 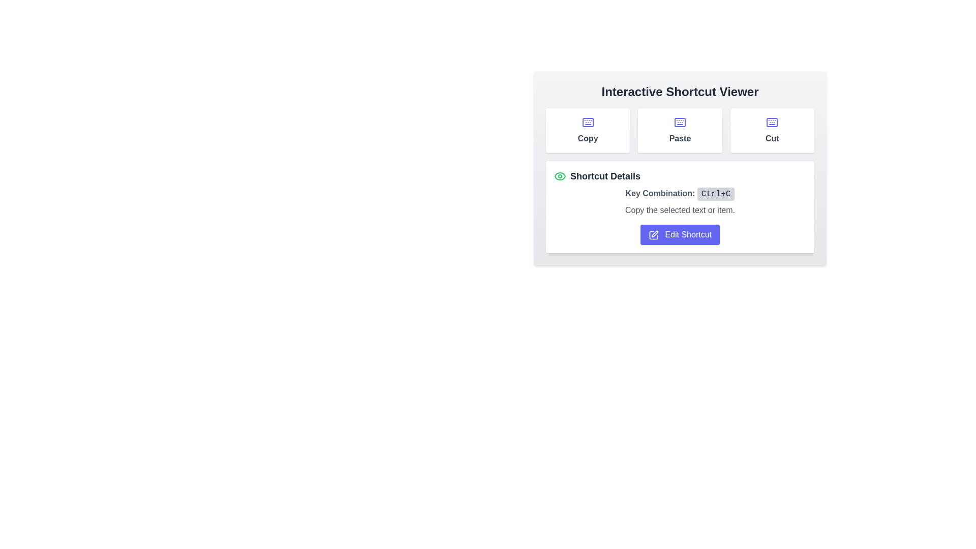 I want to click on the 'Edit Shortcut' button, which is a rectangular button with a blue background and white text, located in the bottom section of a panel, so click(x=680, y=235).